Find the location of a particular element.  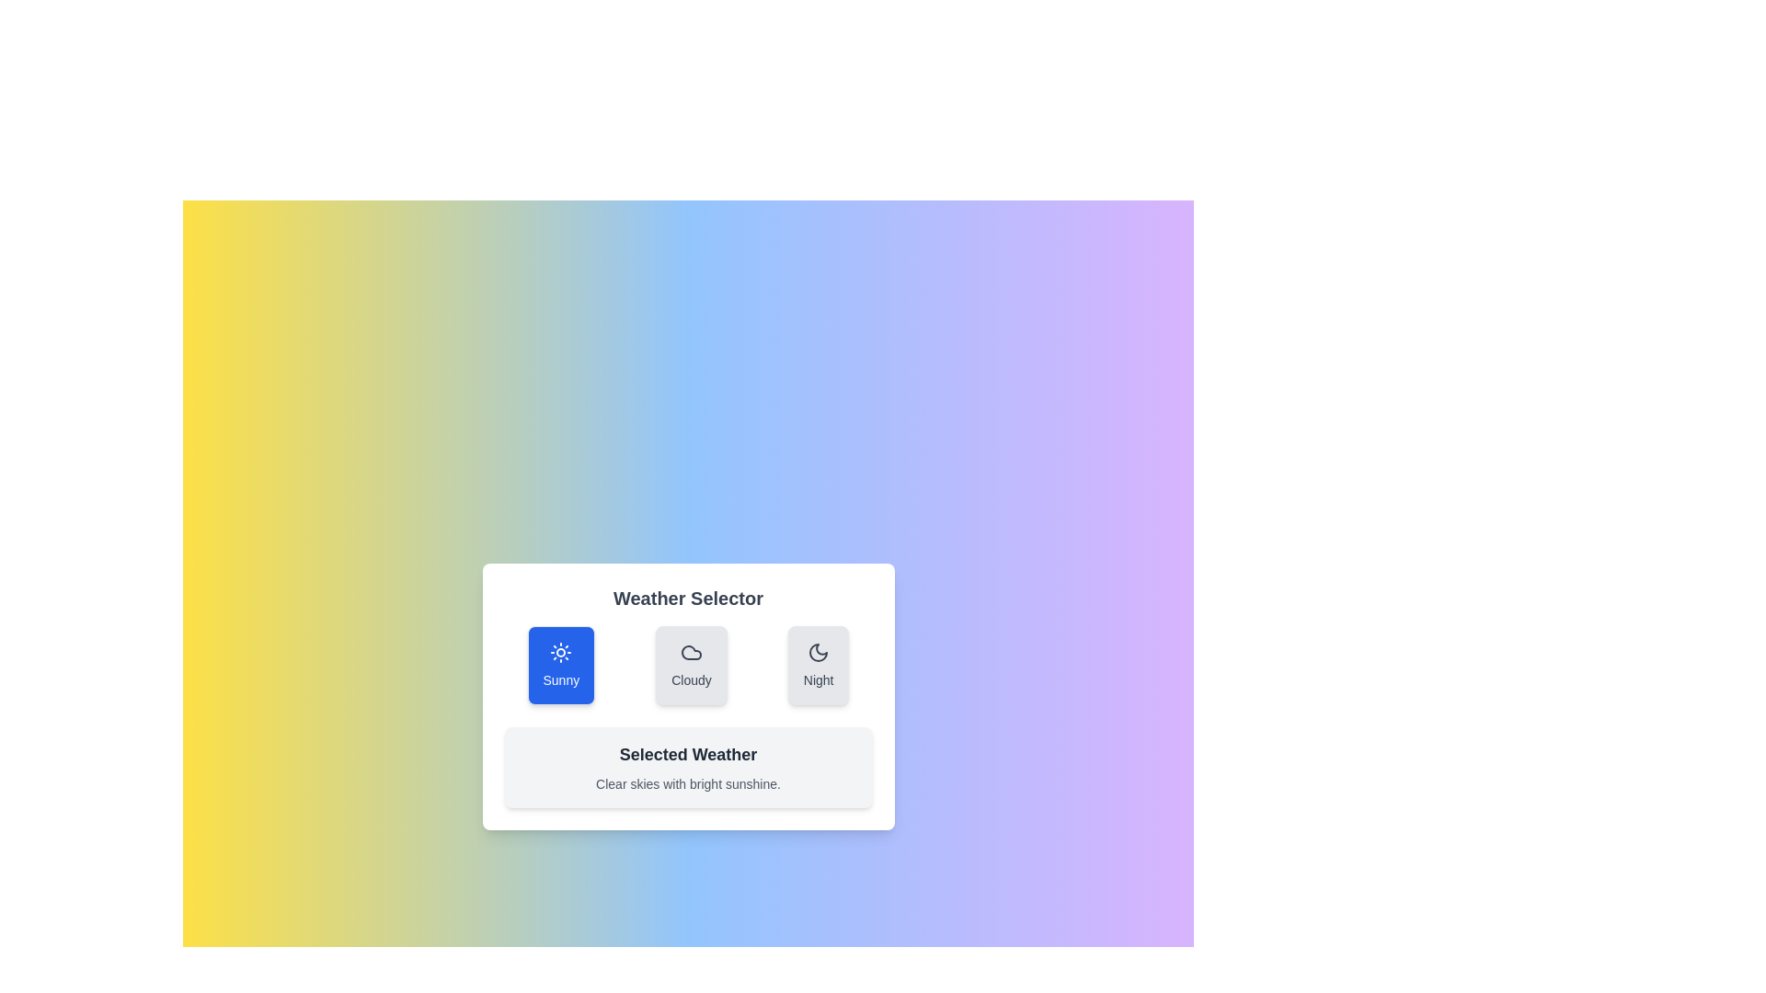

the middle cloud pictogram icon is located at coordinates (691, 651).